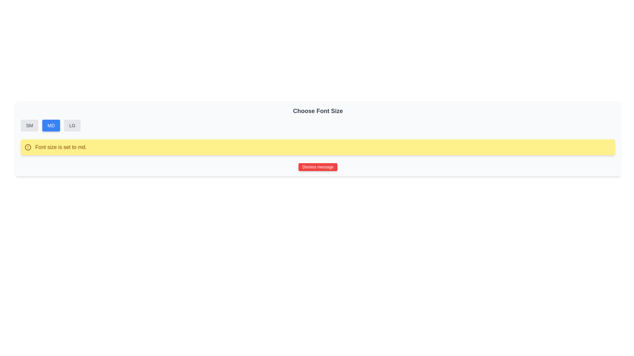 This screenshot has height=356, width=634. What do you see at coordinates (318, 166) in the screenshot?
I see `the small red button labeled 'Dismiss message' located beneath the yellow notification message area` at bounding box center [318, 166].